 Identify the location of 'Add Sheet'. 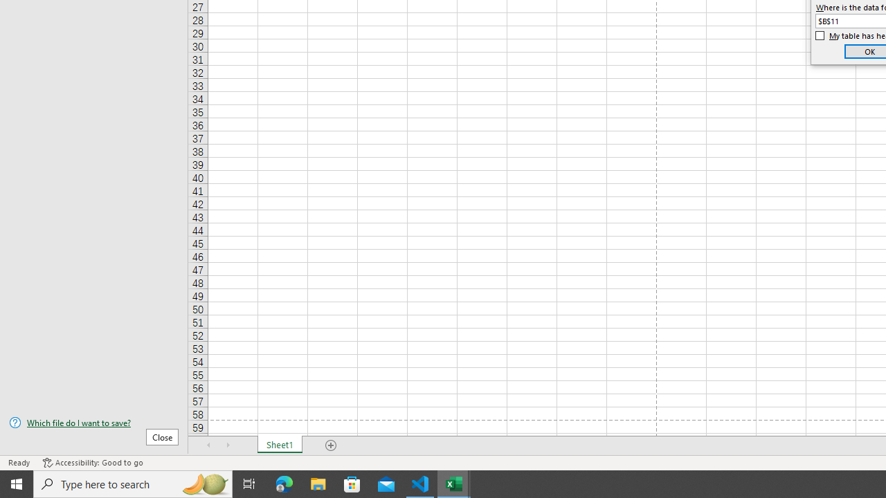
(330, 445).